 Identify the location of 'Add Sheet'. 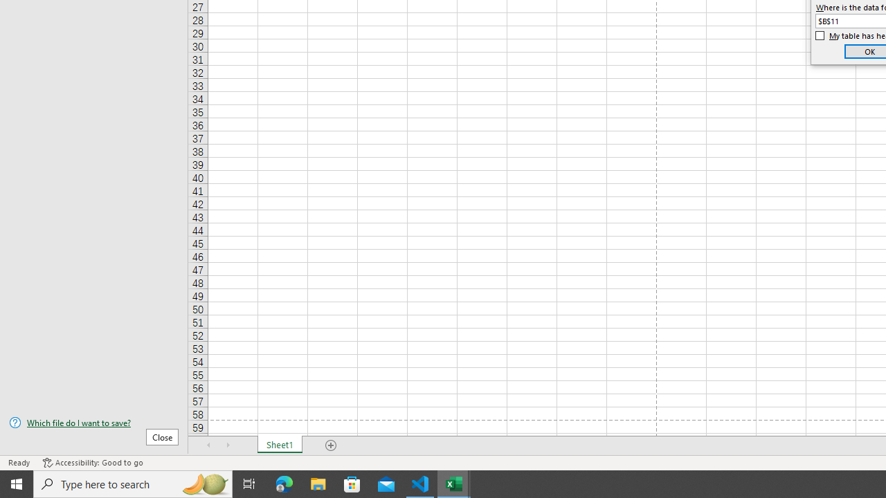
(330, 445).